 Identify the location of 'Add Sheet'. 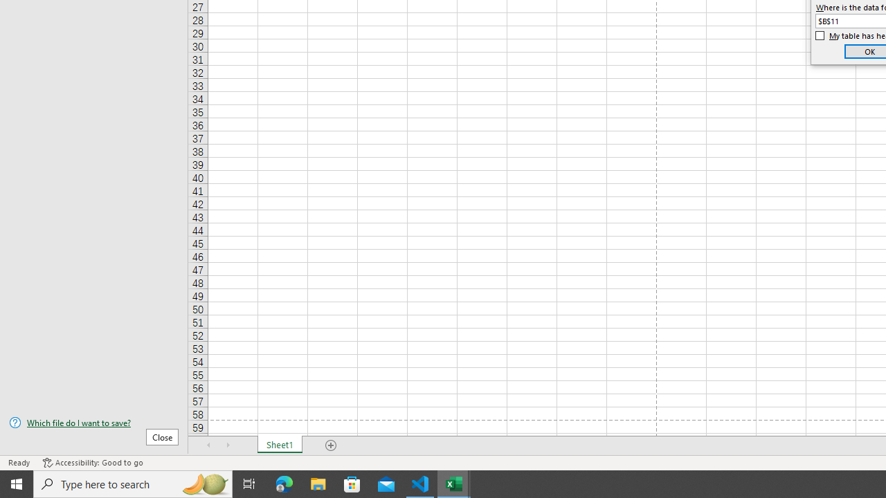
(330, 445).